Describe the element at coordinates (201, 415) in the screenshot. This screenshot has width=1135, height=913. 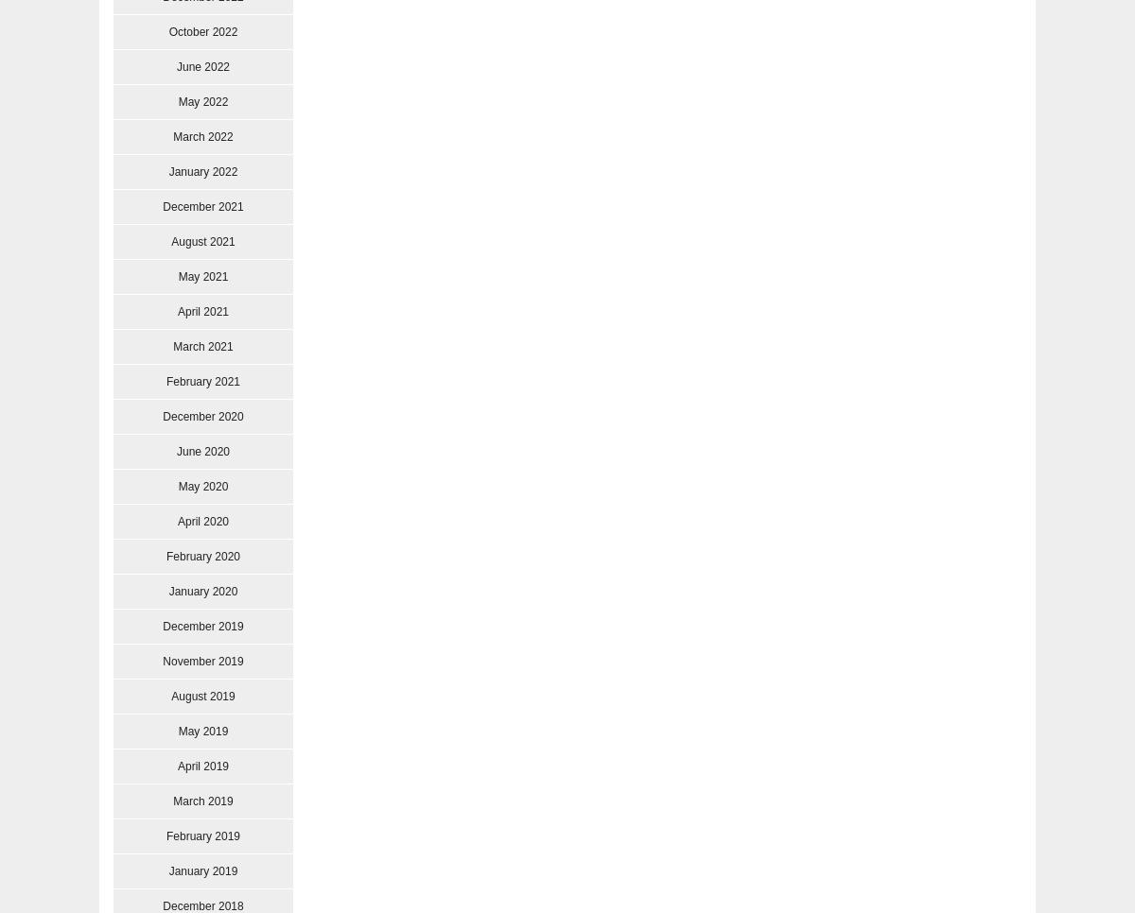
I see `'December 2020'` at that location.